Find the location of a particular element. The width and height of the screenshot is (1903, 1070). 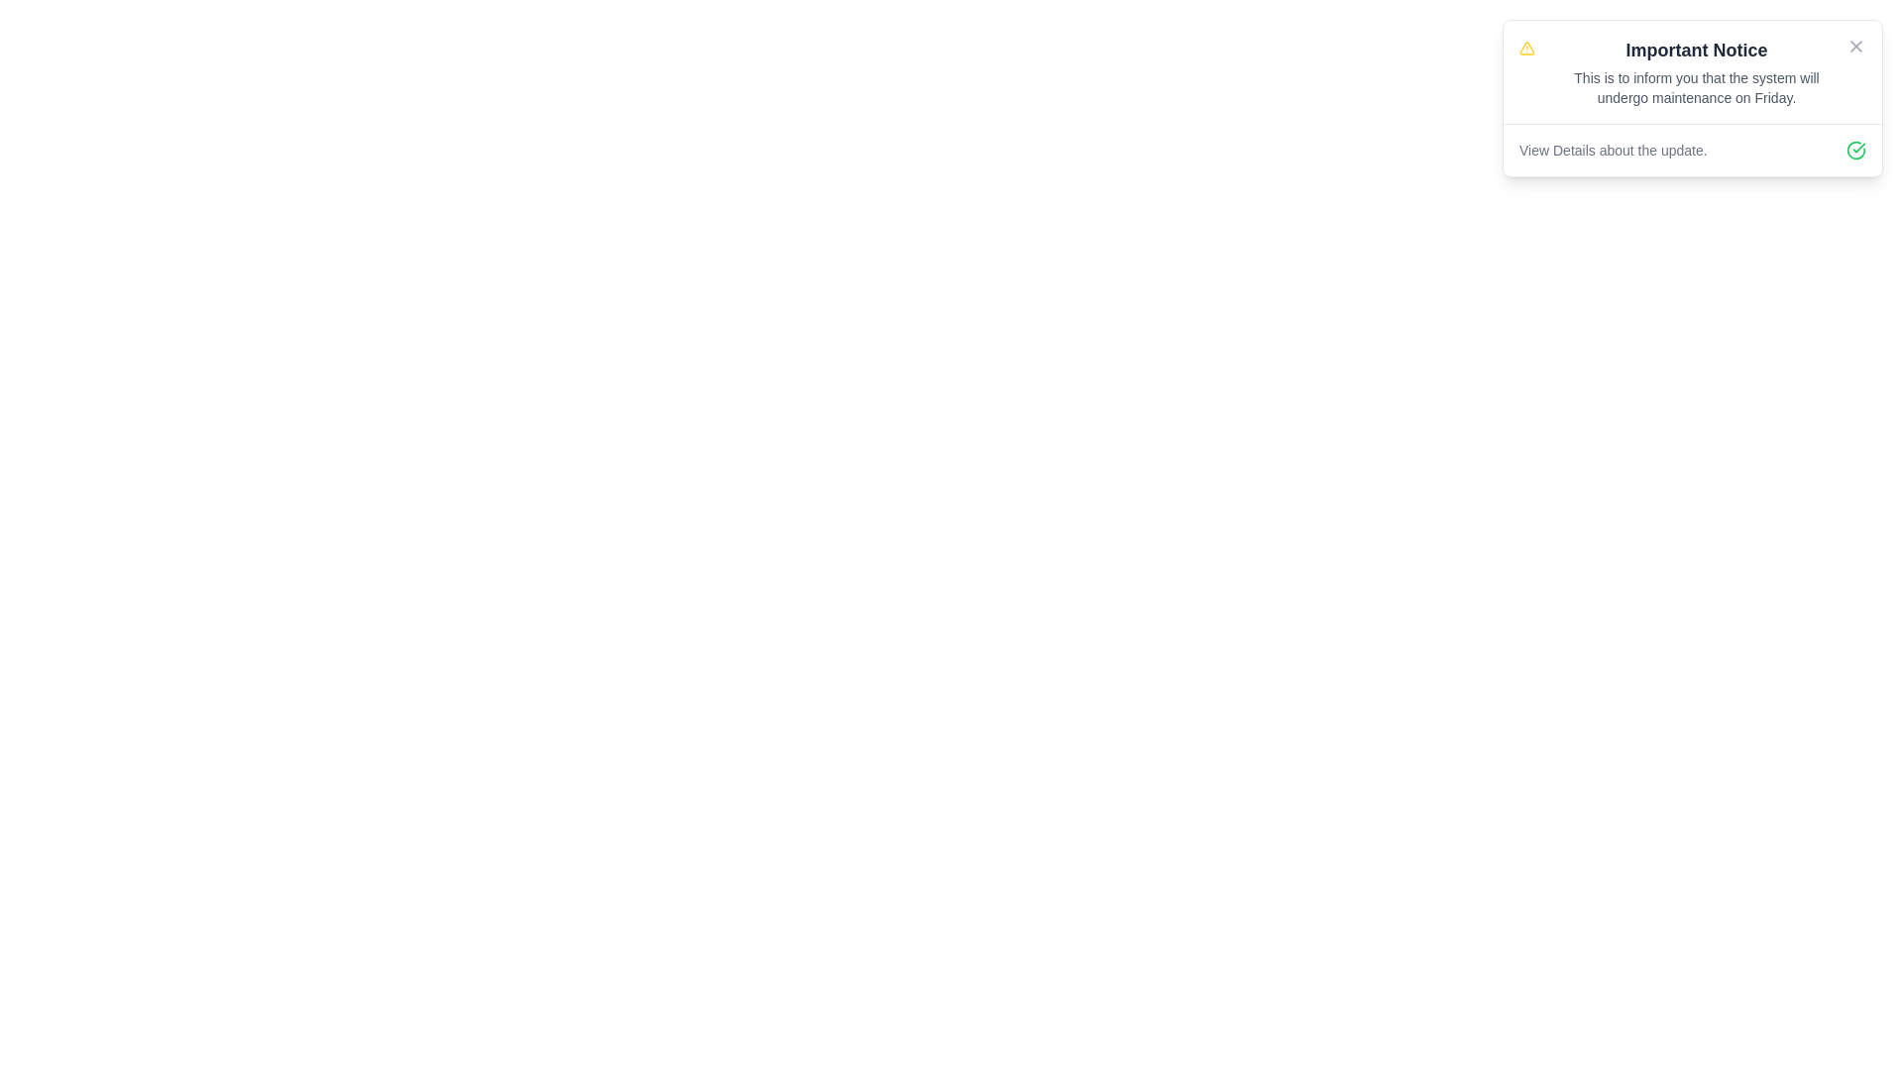

the text block that says 'View Details about the update.' and its accompanying green circular icon with a white checkmark is located at coordinates (1692, 149).